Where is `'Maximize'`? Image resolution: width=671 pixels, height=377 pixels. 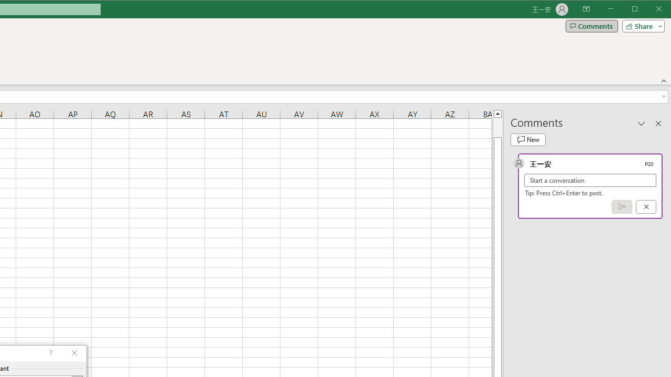 'Maximize' is located at coordinates (649, 10).